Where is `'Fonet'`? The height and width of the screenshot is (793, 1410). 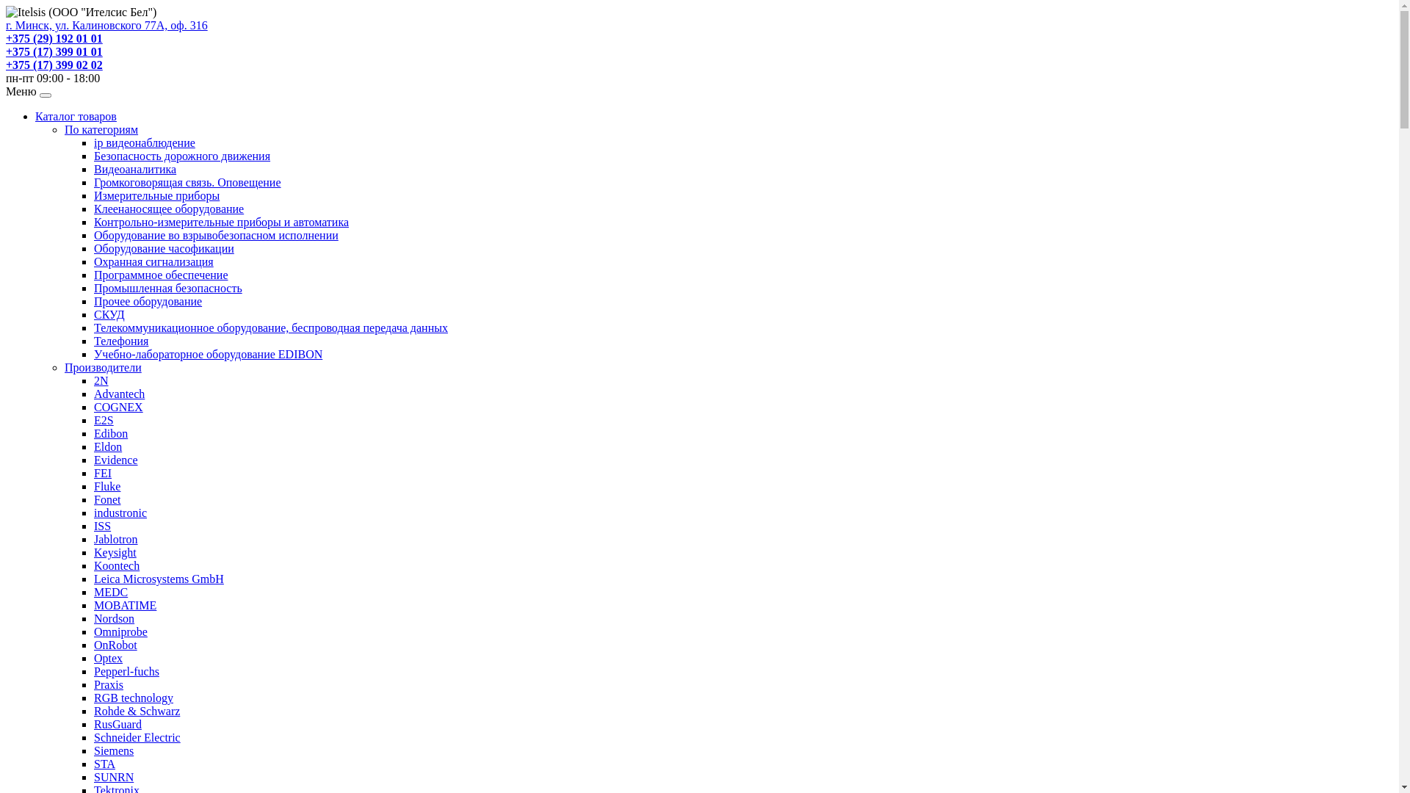
'Fonet' is located at coordinates (93, 499).